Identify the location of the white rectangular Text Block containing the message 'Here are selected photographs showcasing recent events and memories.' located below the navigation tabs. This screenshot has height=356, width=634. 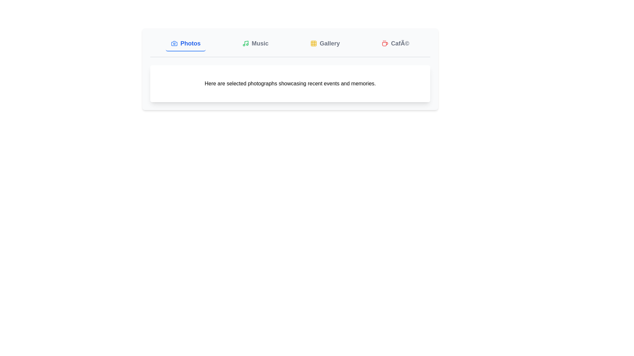
(290, 83).